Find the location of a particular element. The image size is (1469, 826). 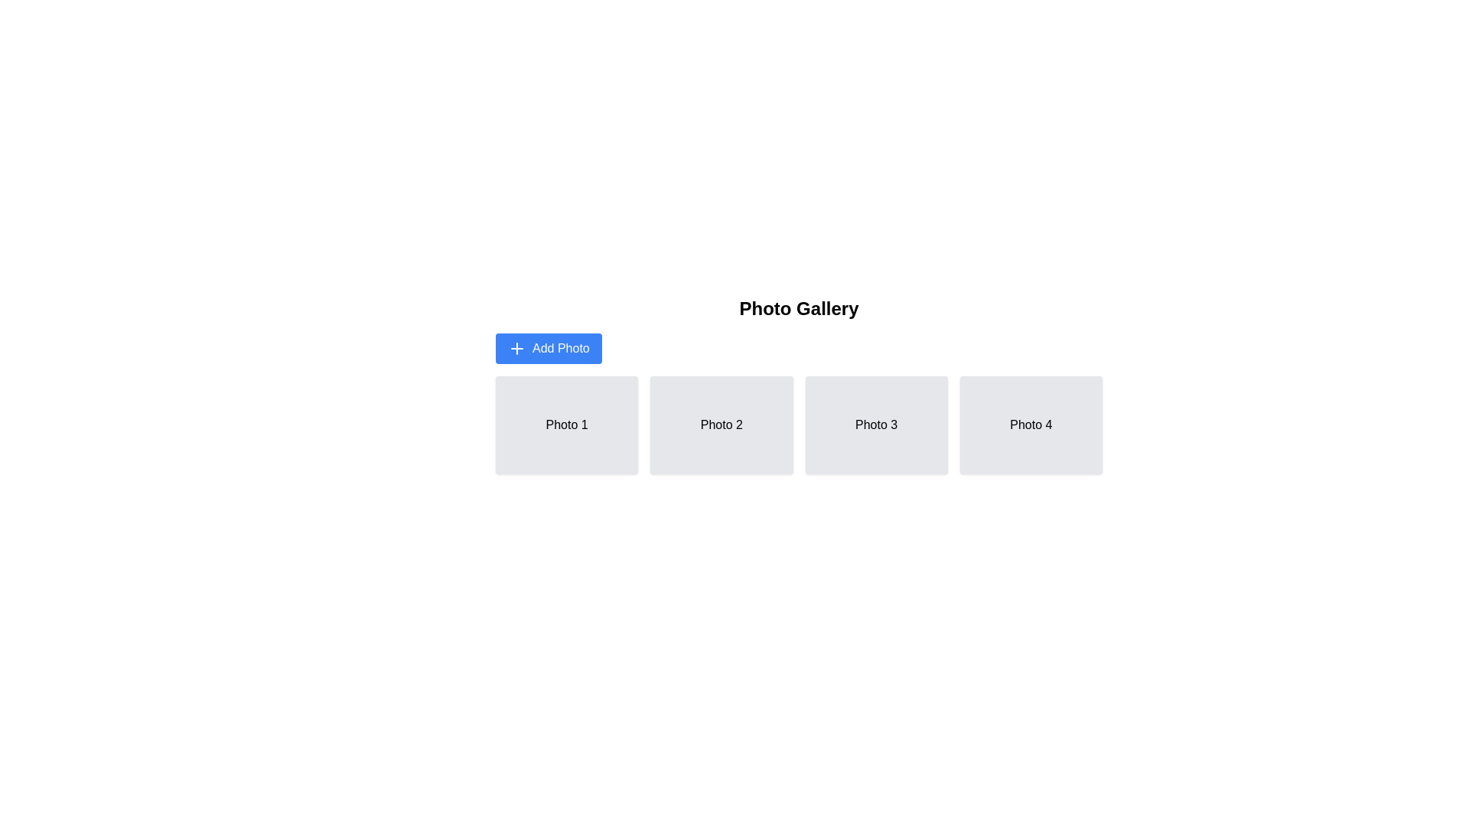

the small blue circular icon with a white cross, located to the left of the 'Add Photo' button is located at coordinates (517, 348).